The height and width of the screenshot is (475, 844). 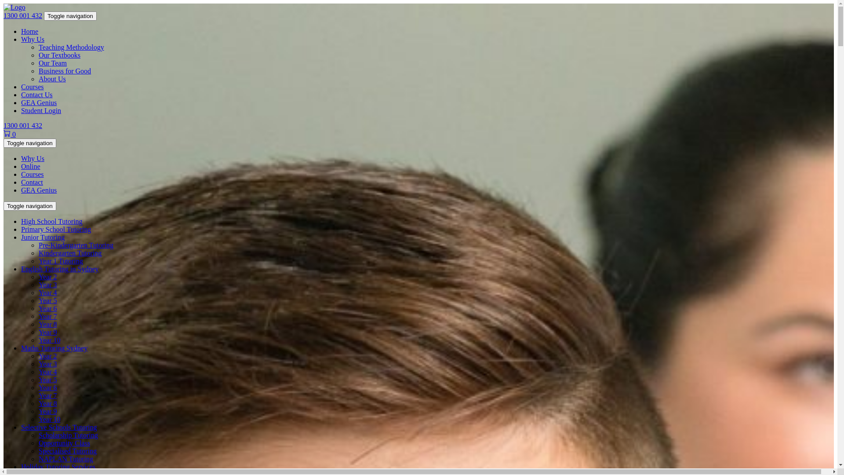 I want to click on 'Year 9', so click(x=47, y=332).